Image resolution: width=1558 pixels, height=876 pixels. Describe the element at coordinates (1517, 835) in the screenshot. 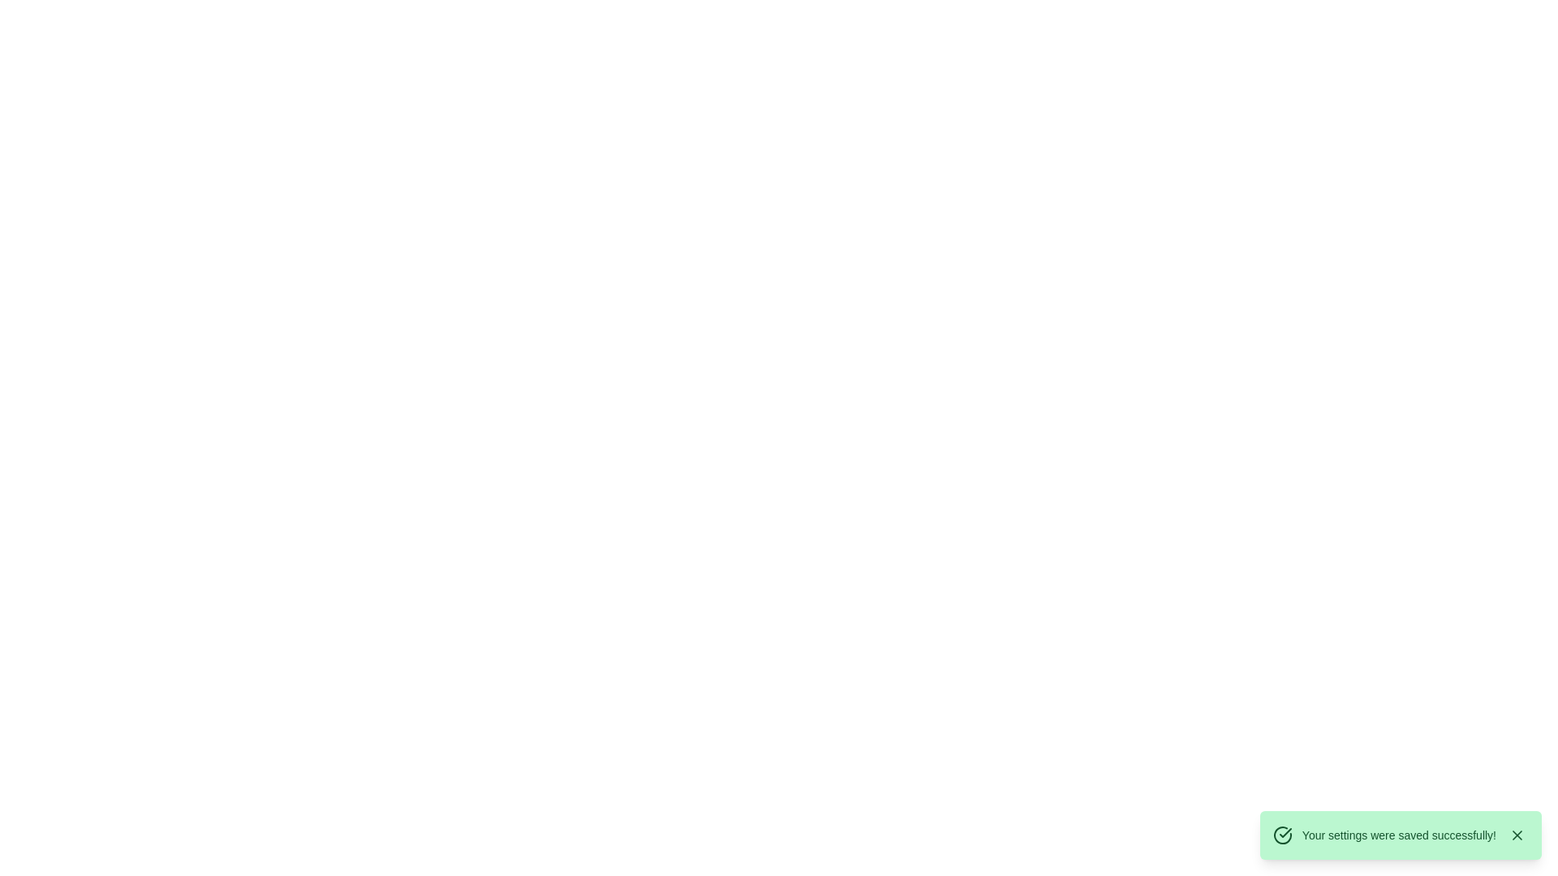

I see `the dismissal button located in the bottom-right corner of the notification box` at that location.